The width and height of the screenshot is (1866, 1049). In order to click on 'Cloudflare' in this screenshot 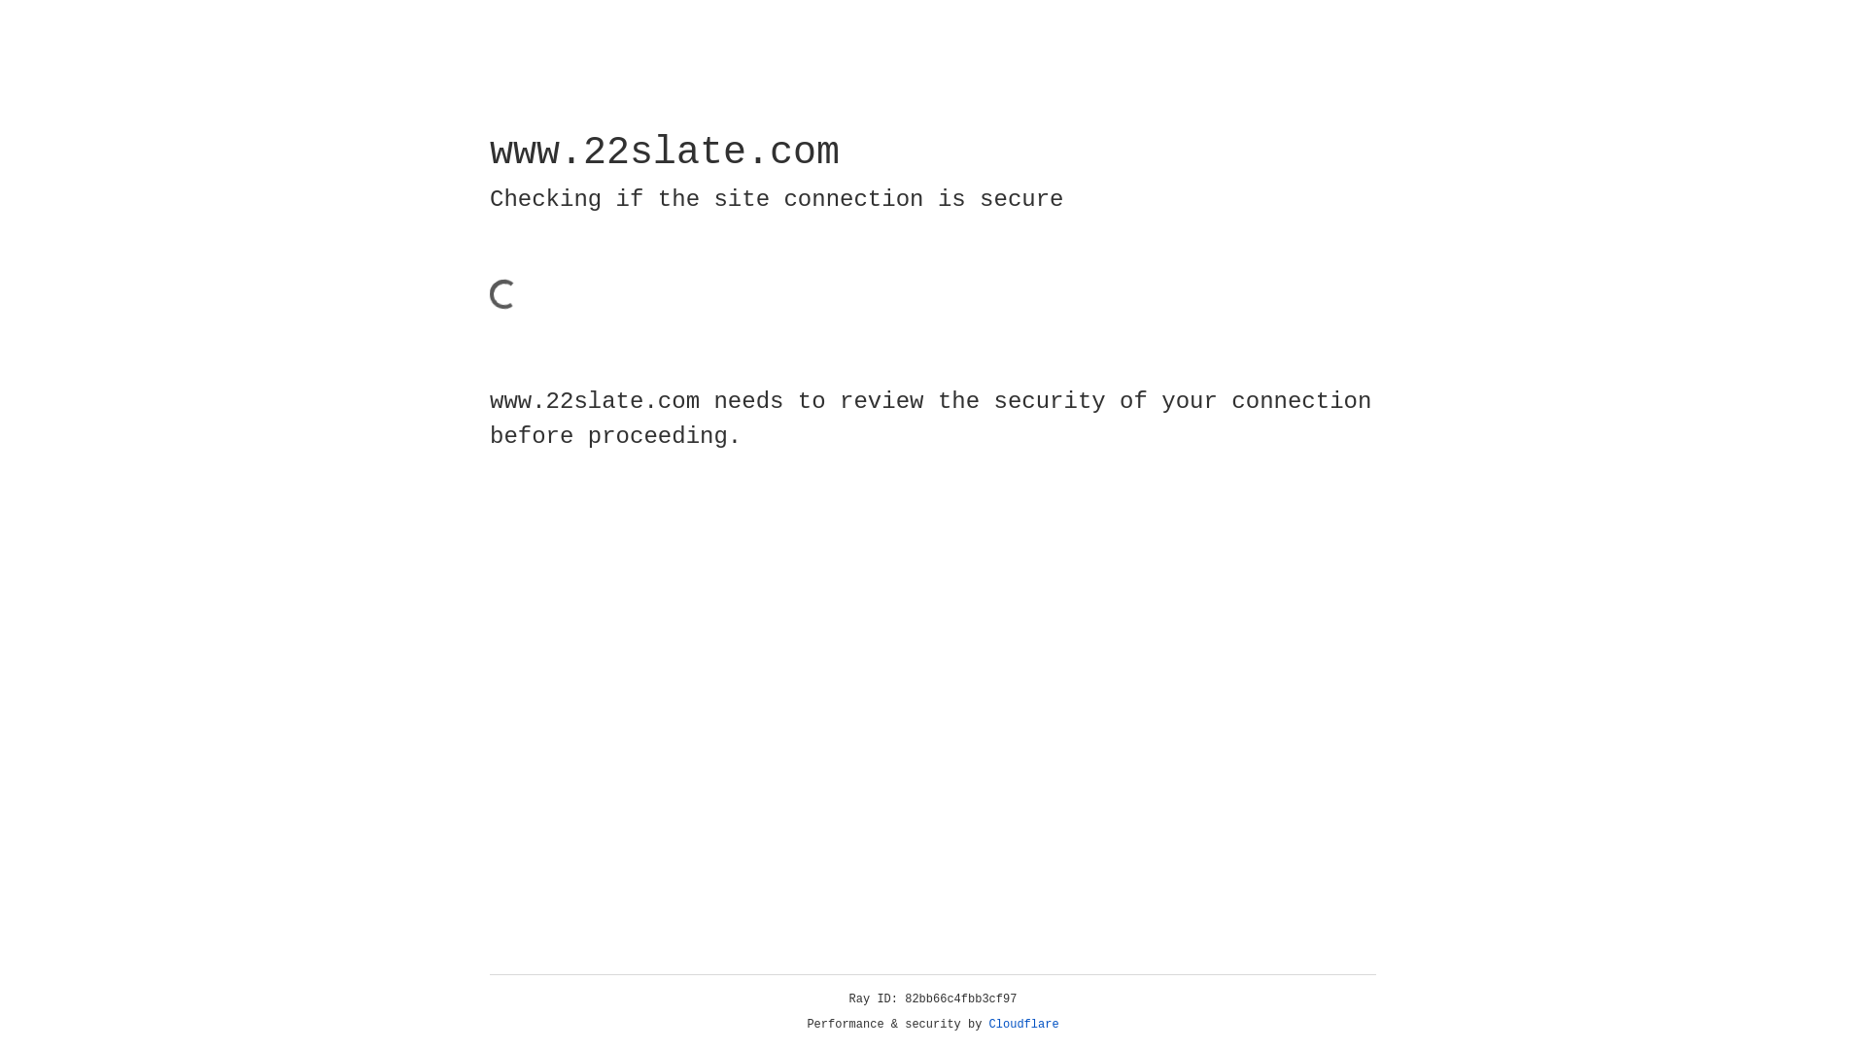, I will do `click(1023, 1024)`.